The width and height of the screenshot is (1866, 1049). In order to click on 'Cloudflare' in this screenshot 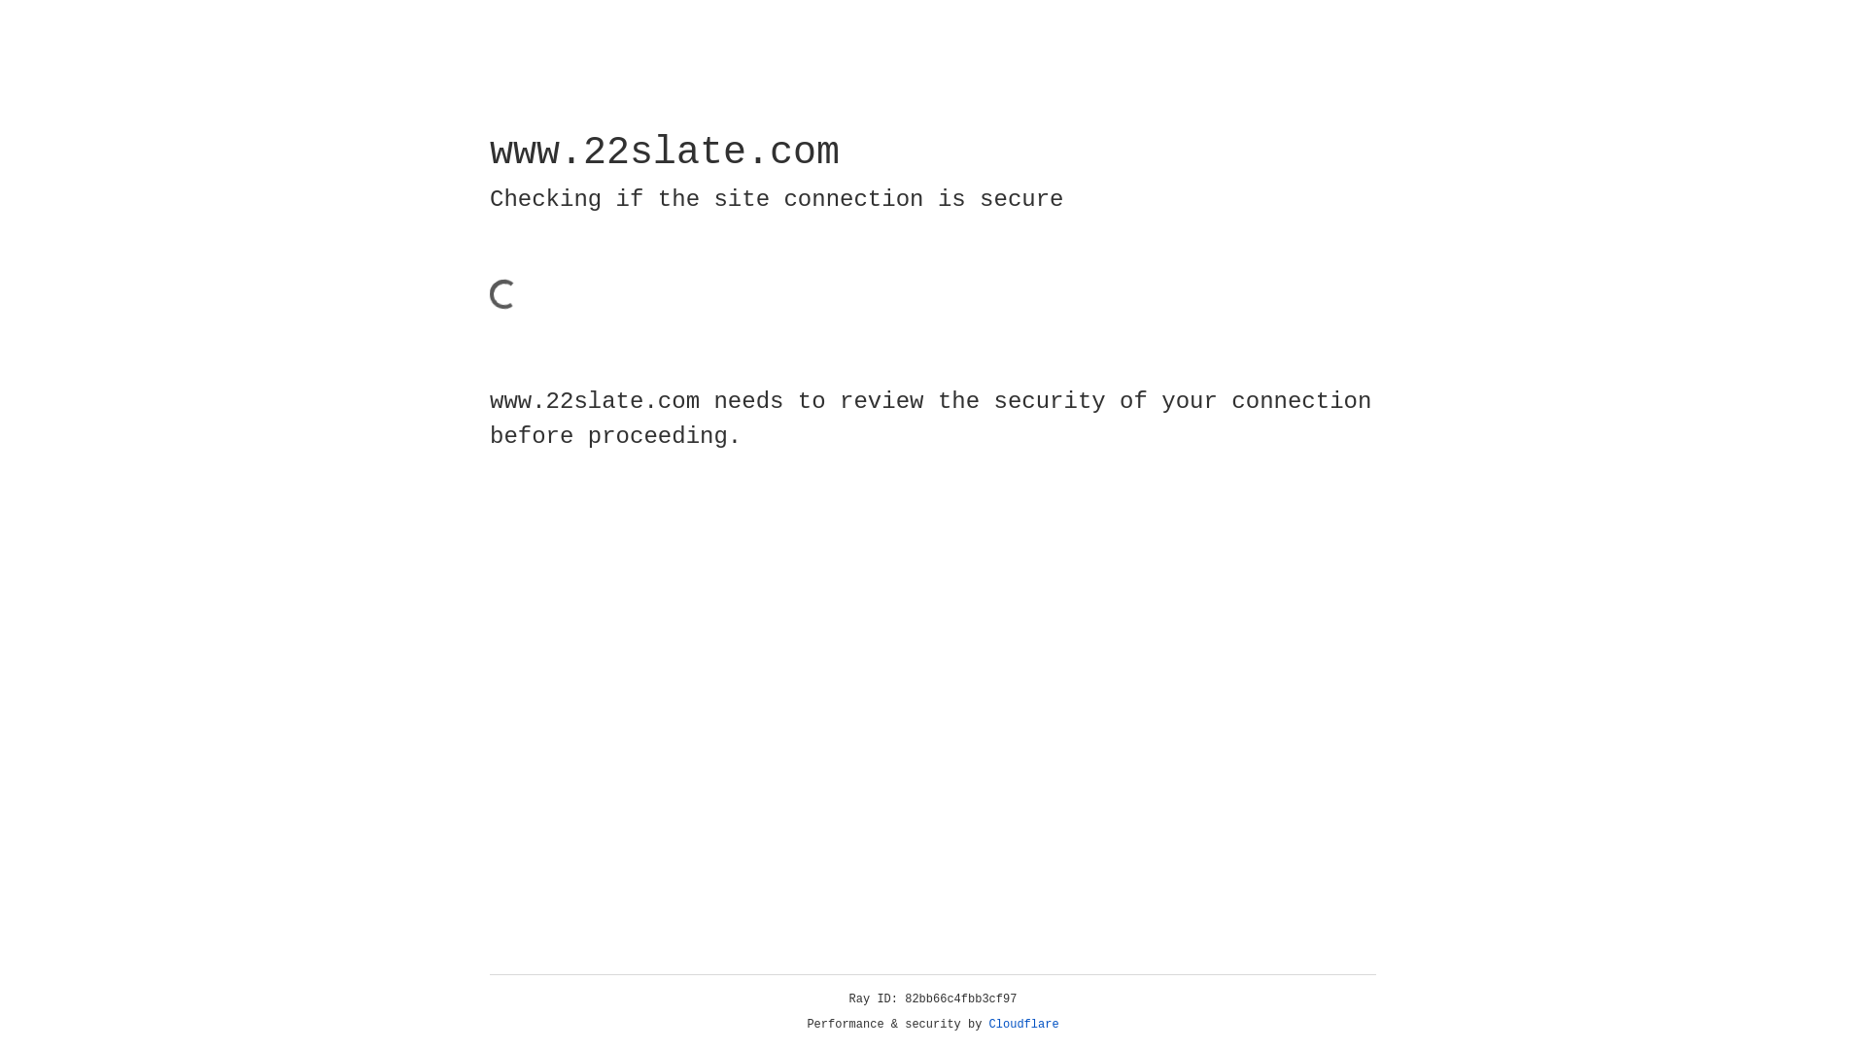, I will do `click(1023, 1024)`.